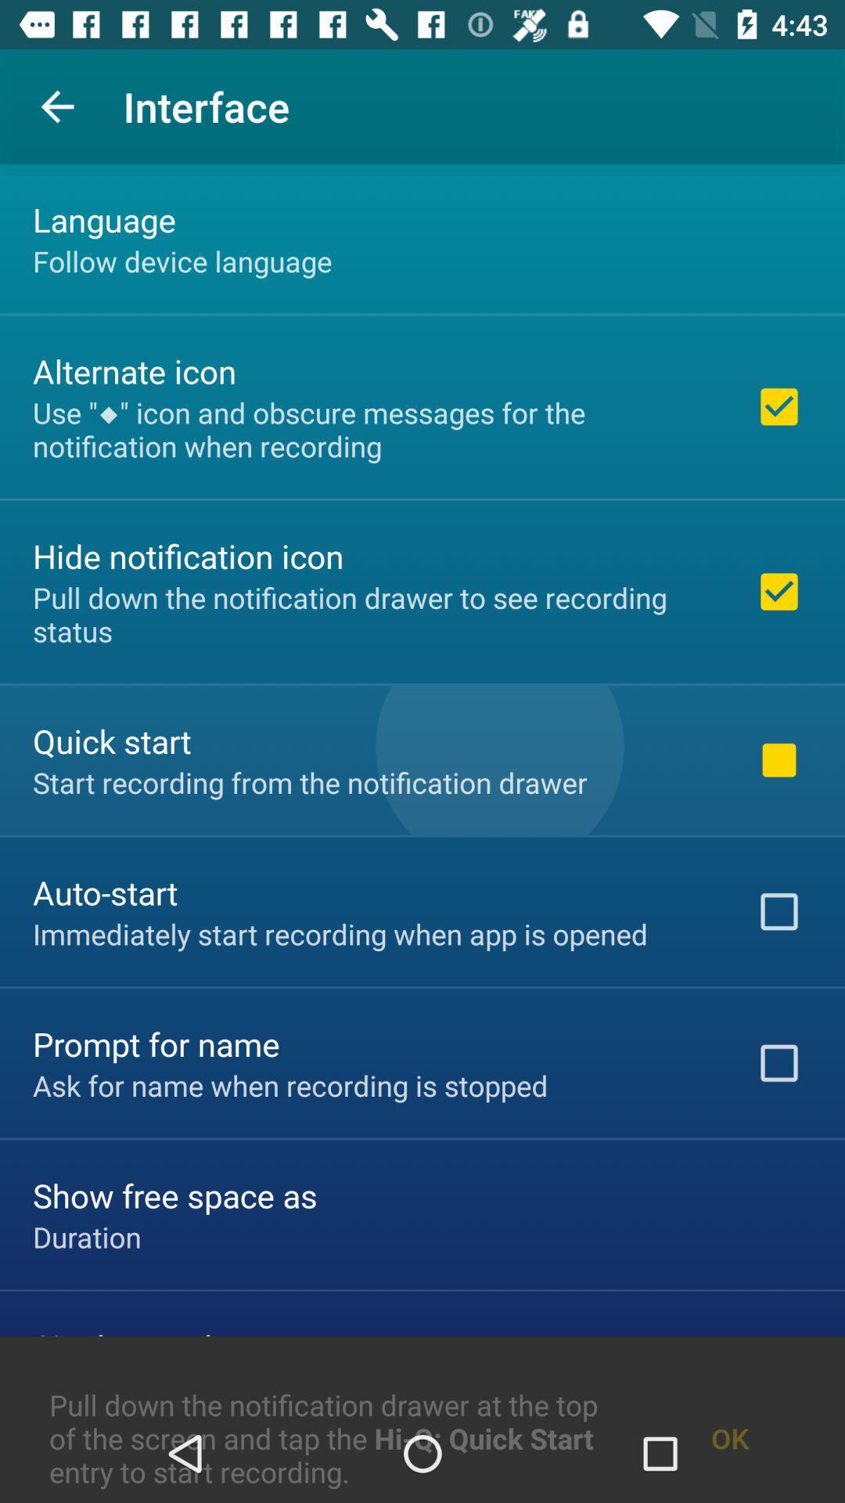 The width and height of the screenshot is (845, 1503). Describe the element at coordinates (105, 892) in the screenshot. I see `item below start recording from item` at that location.